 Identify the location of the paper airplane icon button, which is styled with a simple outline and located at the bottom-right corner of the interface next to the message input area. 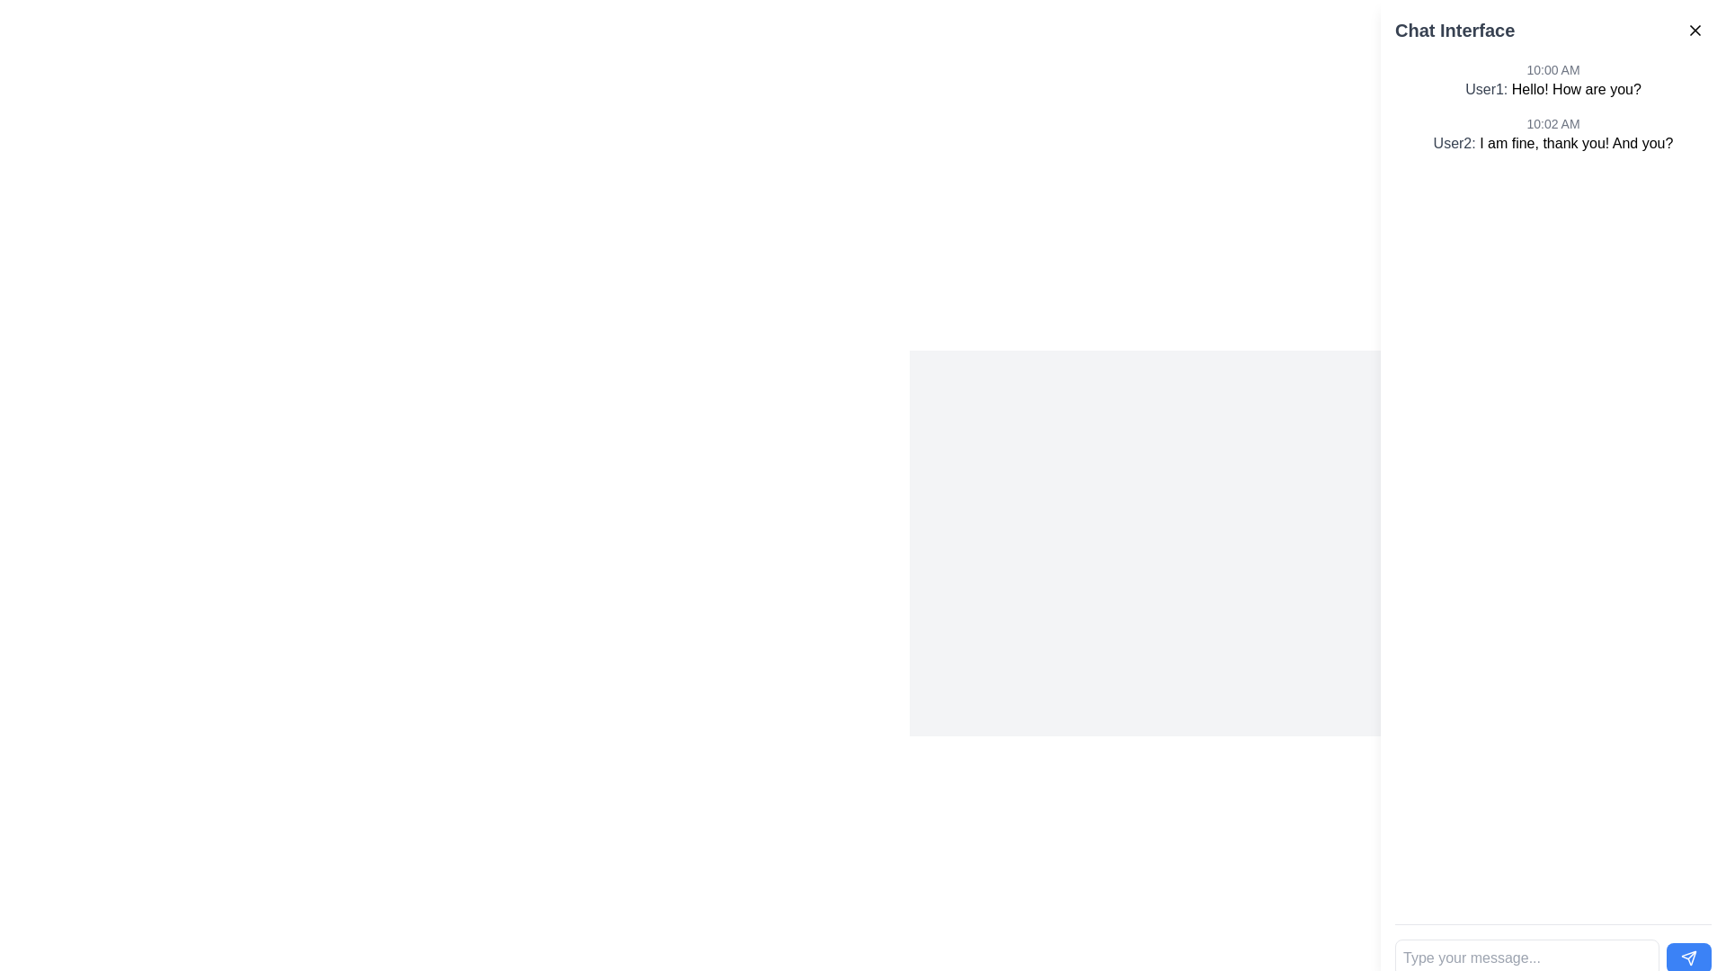
(1687, 957).